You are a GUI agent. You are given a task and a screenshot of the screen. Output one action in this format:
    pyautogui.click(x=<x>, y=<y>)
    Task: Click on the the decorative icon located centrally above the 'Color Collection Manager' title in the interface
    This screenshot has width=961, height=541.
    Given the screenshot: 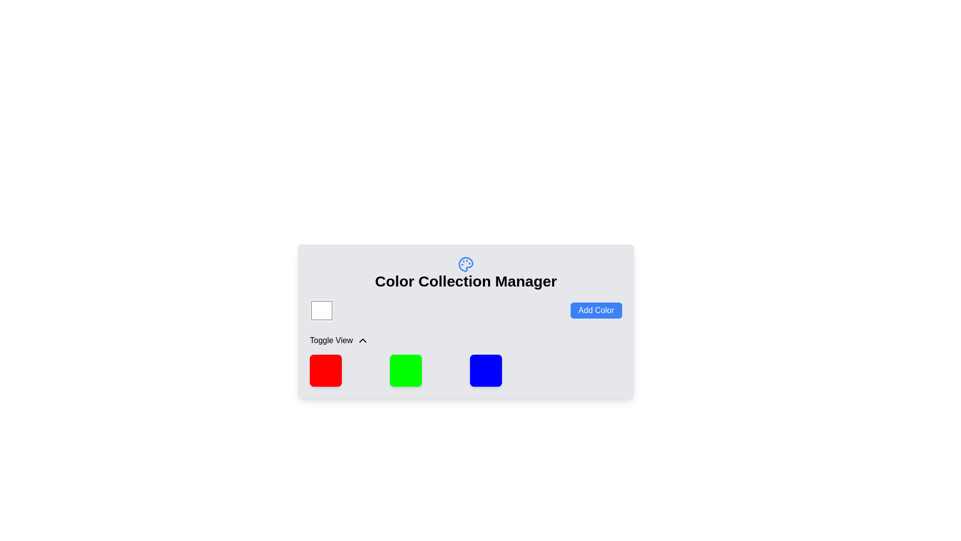 What is the action you would take?
    pyautogui.click(x=465, y=264)
    